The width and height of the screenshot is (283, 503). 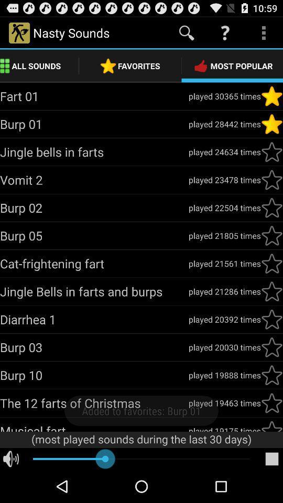 I want to click on favorite, so click(x=271, y=319).